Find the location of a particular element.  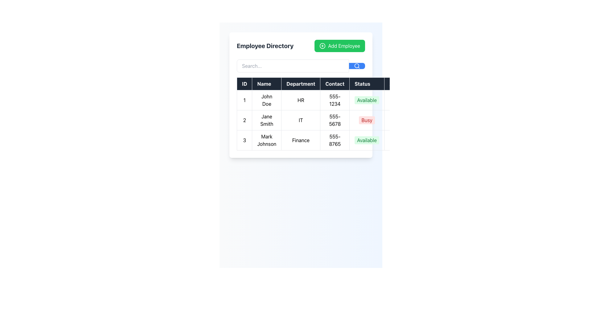

the interactive components of the table row displaying employee information for Mark Johnson, which is located in the third row of the Employee Directory section is located at coordinates (324, 140).